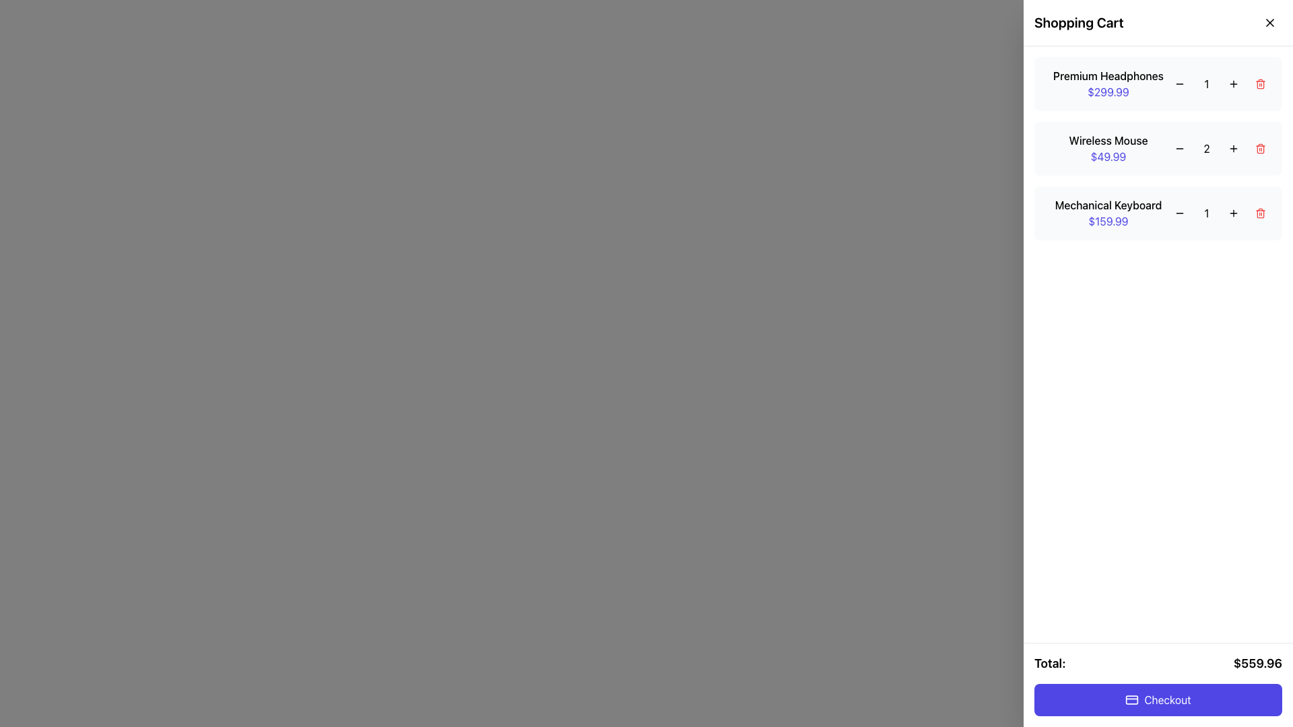 The image size is (1293, 727). What do you see at coordinates (1131, 699) in the screenshot?
I see `the 'Checkout' button which contains the payment icon, located centrally within the button and positioned at the bottom section of the shopping cart interface` at bounding box center [1131, 699].